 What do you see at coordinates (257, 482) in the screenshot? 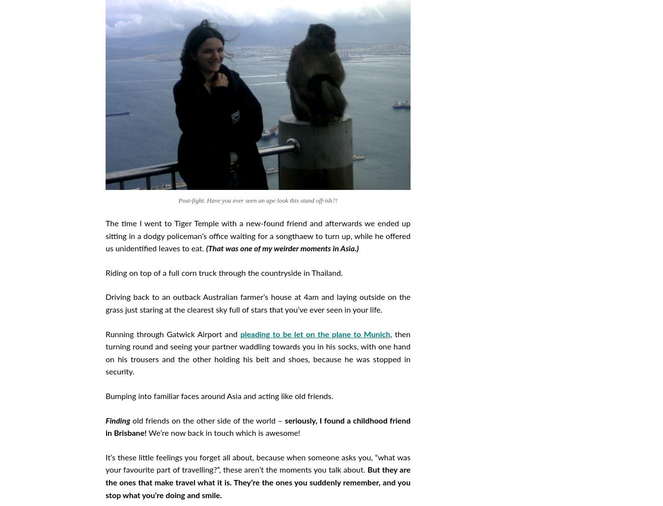
I see `'But they are the ones that make travel what it is. They’re the ones you suddenly remember, and you stop what you’re doing and smile.'` at bounding box center [257, 482].